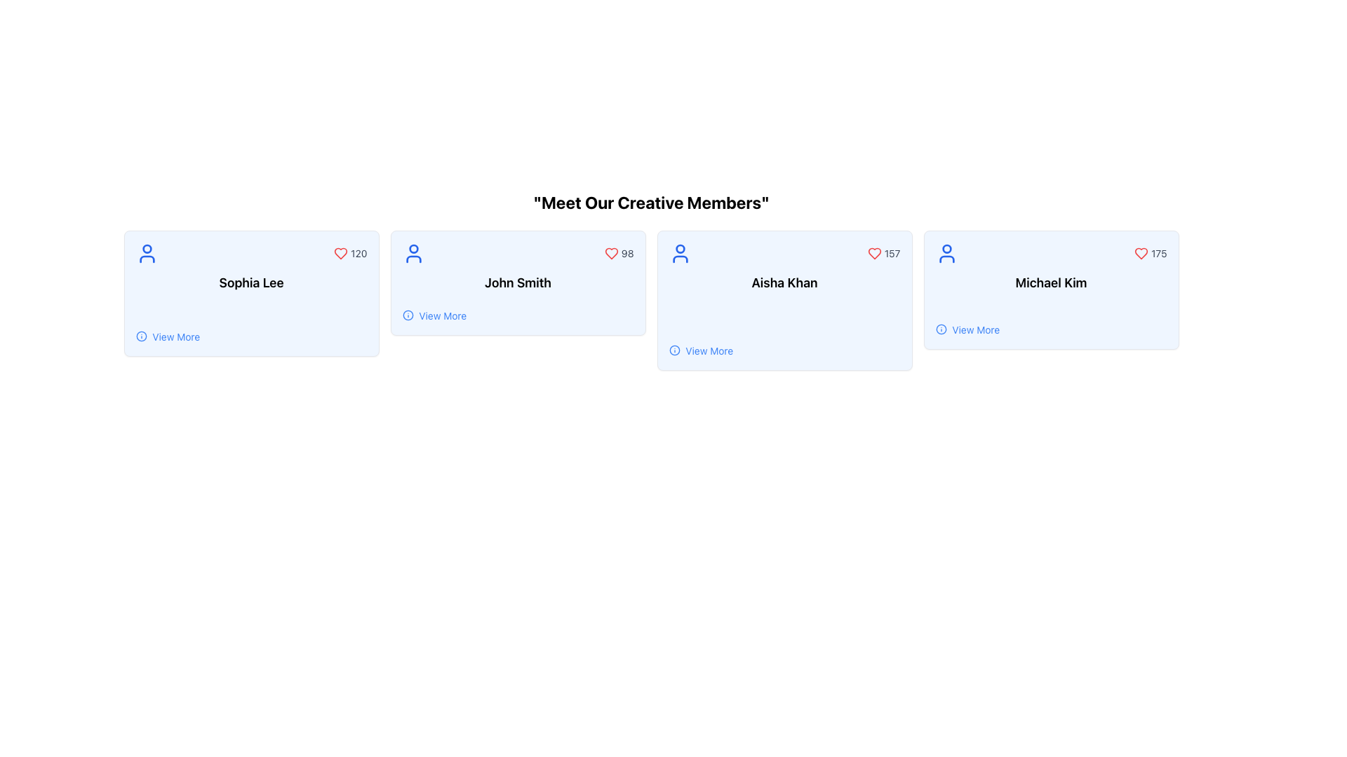 The height and width of the screenshot is (757, 1347). What do you see at coordinates (941, 329) in the screenshot?
I see `the Informational Icon located to the left of the 'View More' text link in the card associated with 'Michael Kim'` at bounding box center [941, 329].